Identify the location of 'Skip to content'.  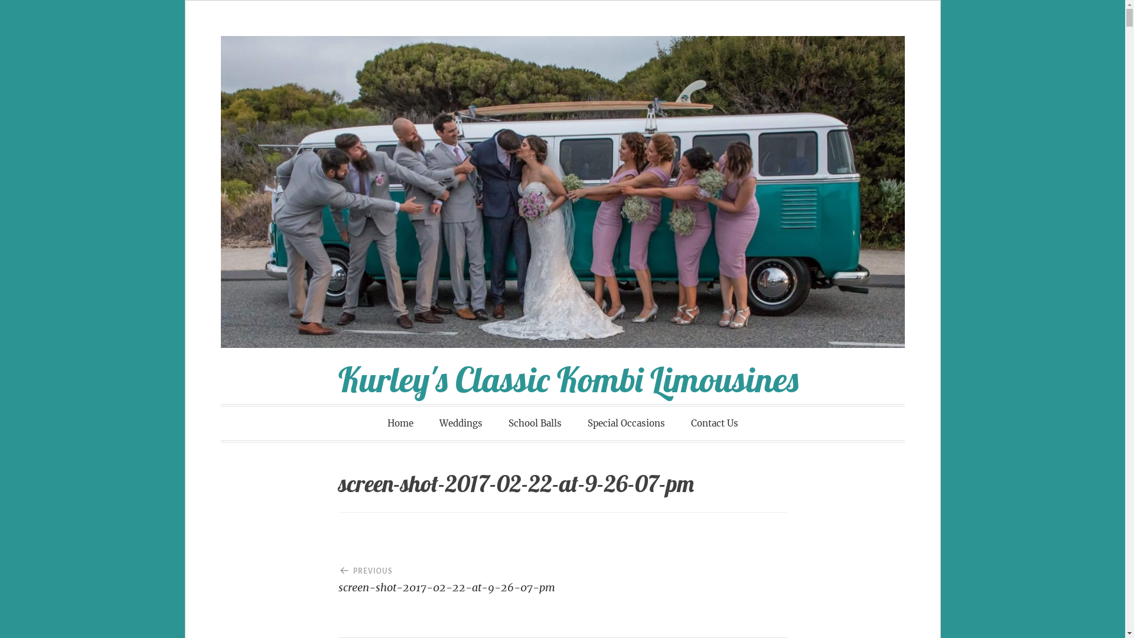
(184, 35).